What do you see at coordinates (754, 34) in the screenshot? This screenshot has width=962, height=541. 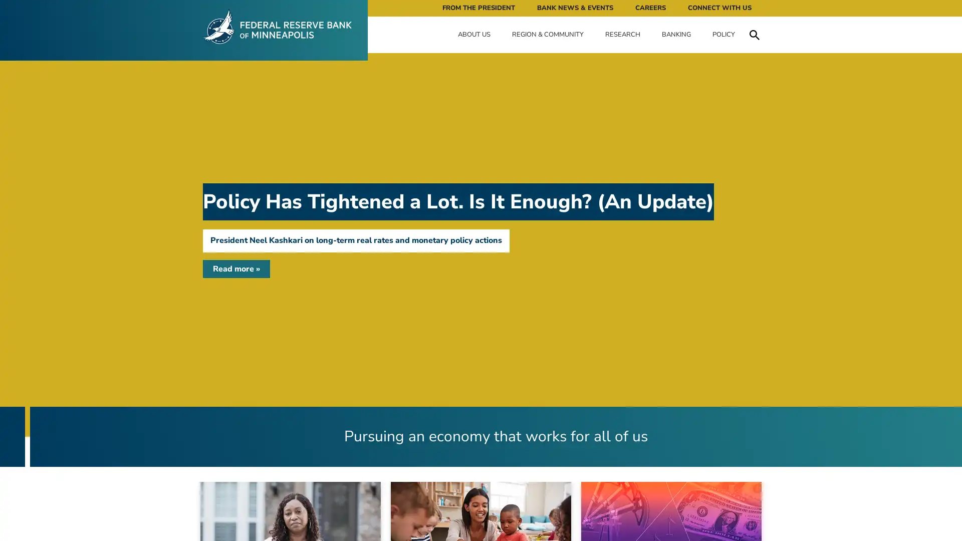 I see `Toggle Search` at bounding box center [754, 34].